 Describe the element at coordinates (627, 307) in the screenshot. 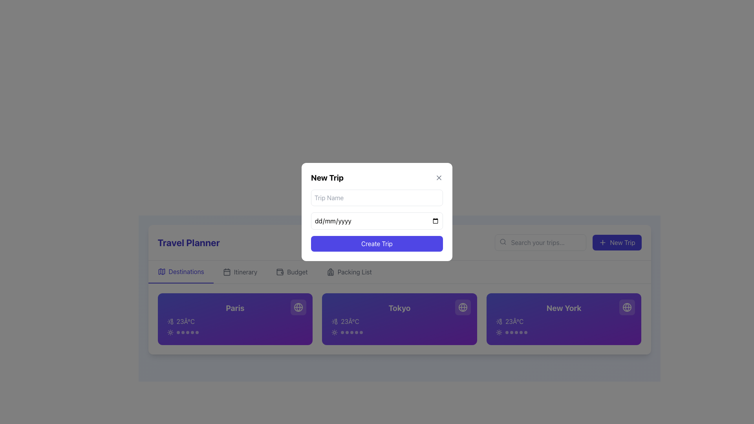

I see `the globe icon located in the upper-right corner of the card labeled 'New York'` at that location.